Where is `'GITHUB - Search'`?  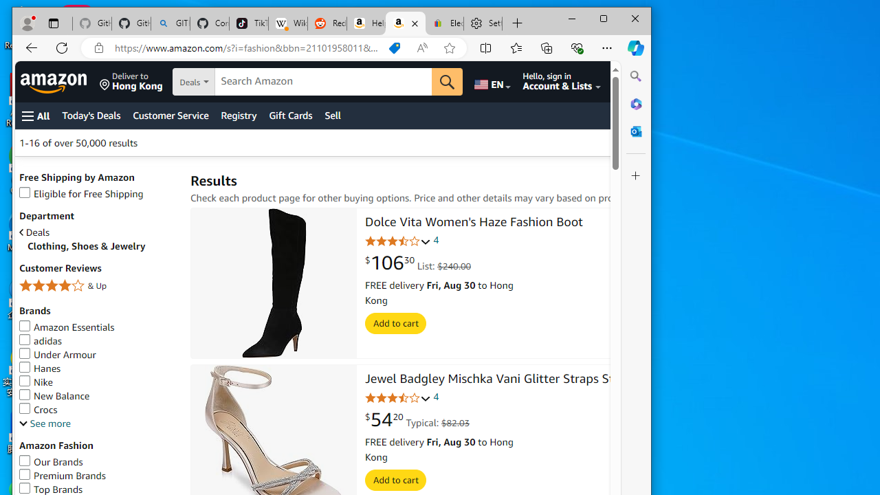 'GITHUB - Search' is located at coordinates (170, 23).